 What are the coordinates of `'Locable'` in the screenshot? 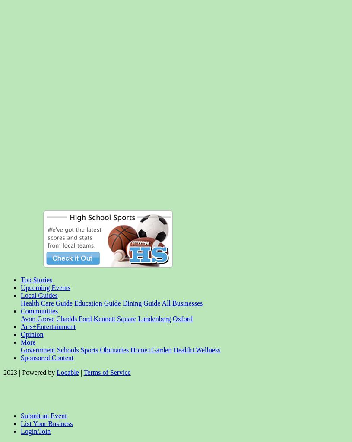 It's located at (67, 372).